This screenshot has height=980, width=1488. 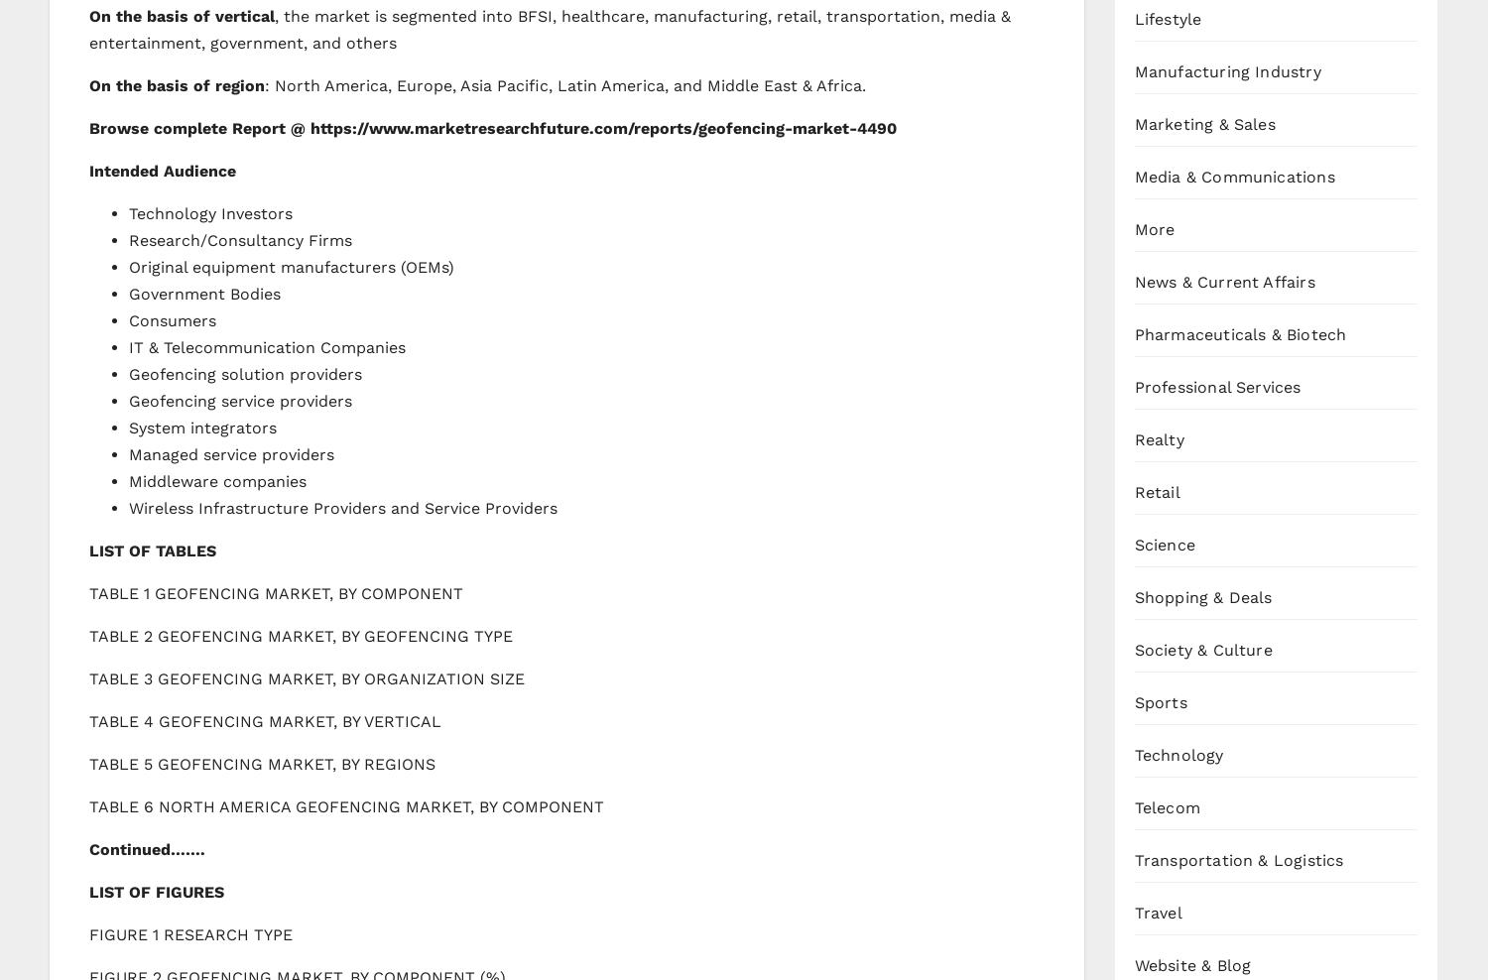 I want to click on 'Geofencing solution providers', so click(x=244, y=372).